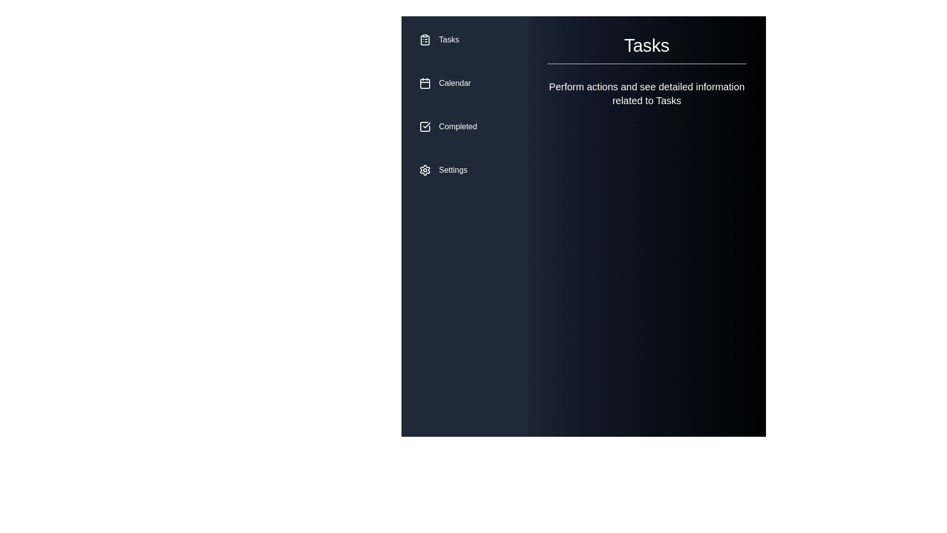  I want to click on the menu item corresponding to Tasks to select it, so click(464, 39).